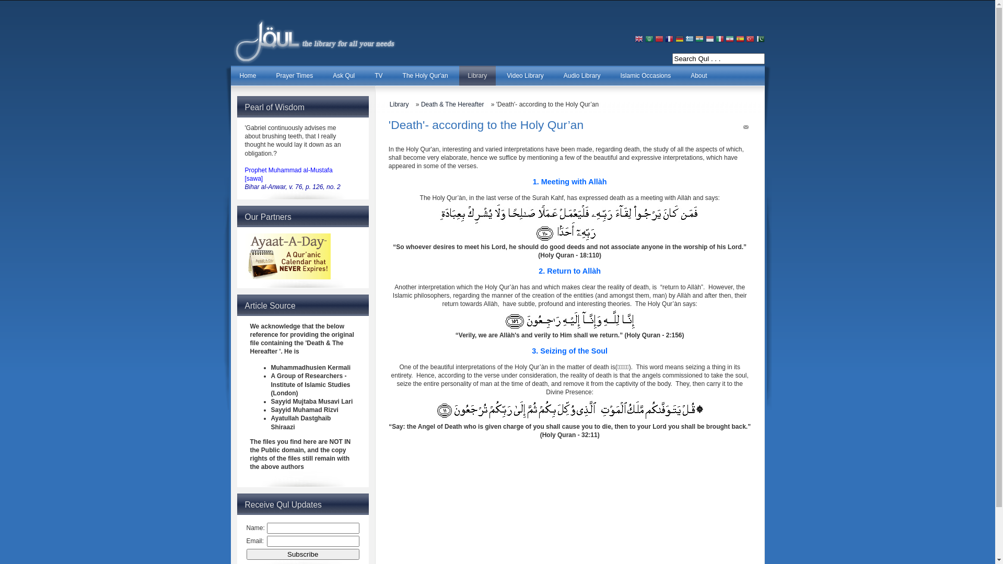  What do you see at coordinates (695, 39) in the screenshot?
I see `'Hindi'` at bounding box center [695, 39].